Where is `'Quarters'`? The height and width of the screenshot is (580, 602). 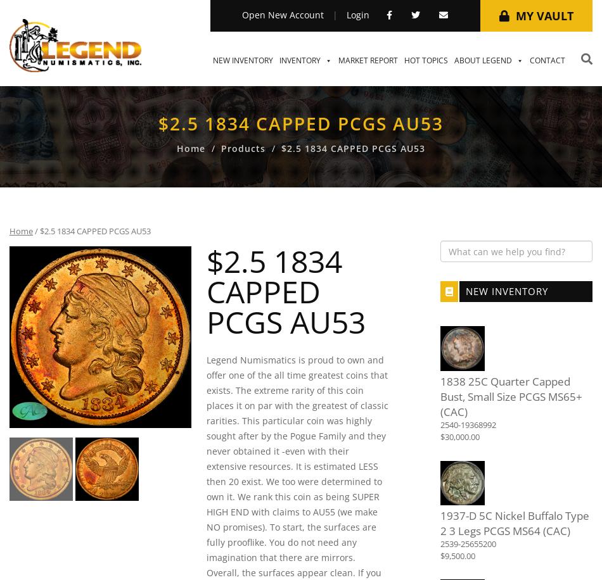 'Quarters' is located at coordinates (428, 538).